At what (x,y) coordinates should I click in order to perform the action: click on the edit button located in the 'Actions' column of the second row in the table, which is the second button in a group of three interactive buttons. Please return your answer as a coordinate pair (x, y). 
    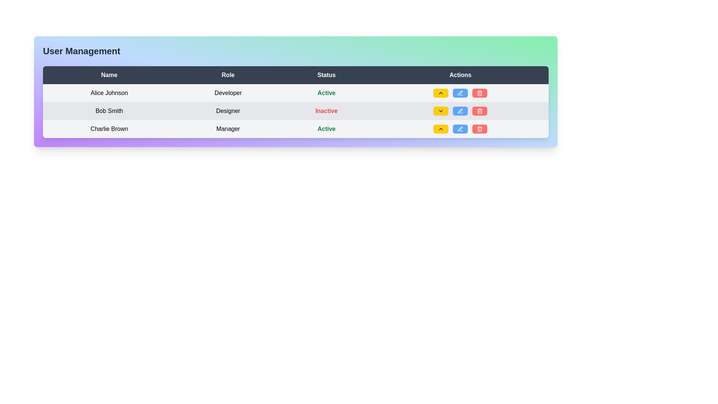
    Looking at the image, I should click on (460, 93).